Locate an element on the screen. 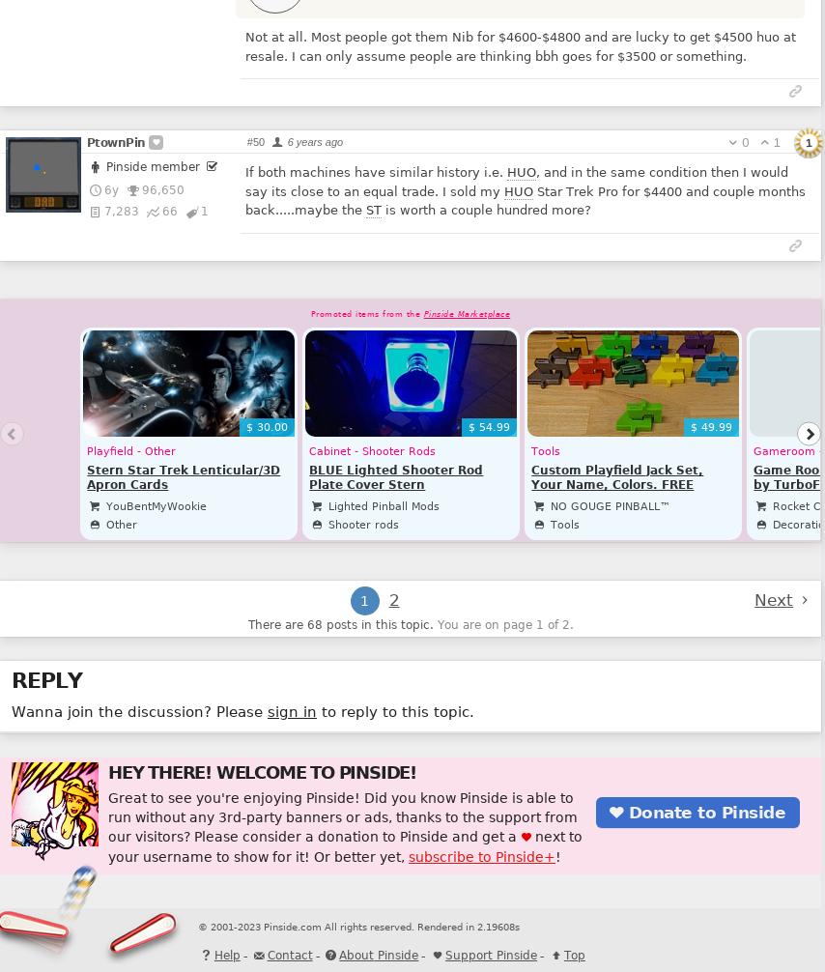 The image size is (825, 972). 'ST' is located at coordinates (363, 210).